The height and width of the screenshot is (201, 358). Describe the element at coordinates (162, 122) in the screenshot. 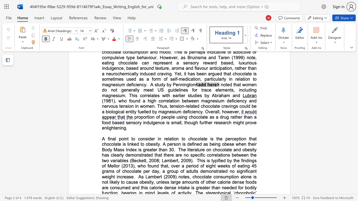

I see `the subset text "e is small, though further r" within the text "proportion of people using chocolate as a drug rather than a food based sensory indulgence is small, though further research might prove enlightening."` at that location.